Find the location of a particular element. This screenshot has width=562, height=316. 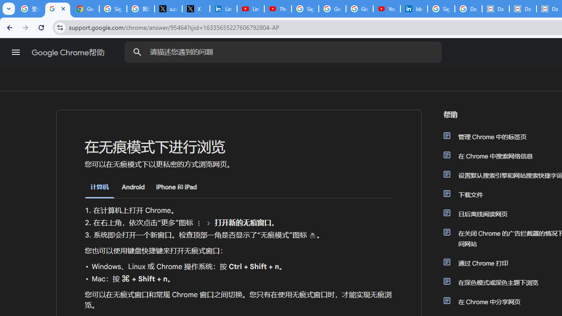

'Data Privacy Framework' is located at coordinates (495, 9).